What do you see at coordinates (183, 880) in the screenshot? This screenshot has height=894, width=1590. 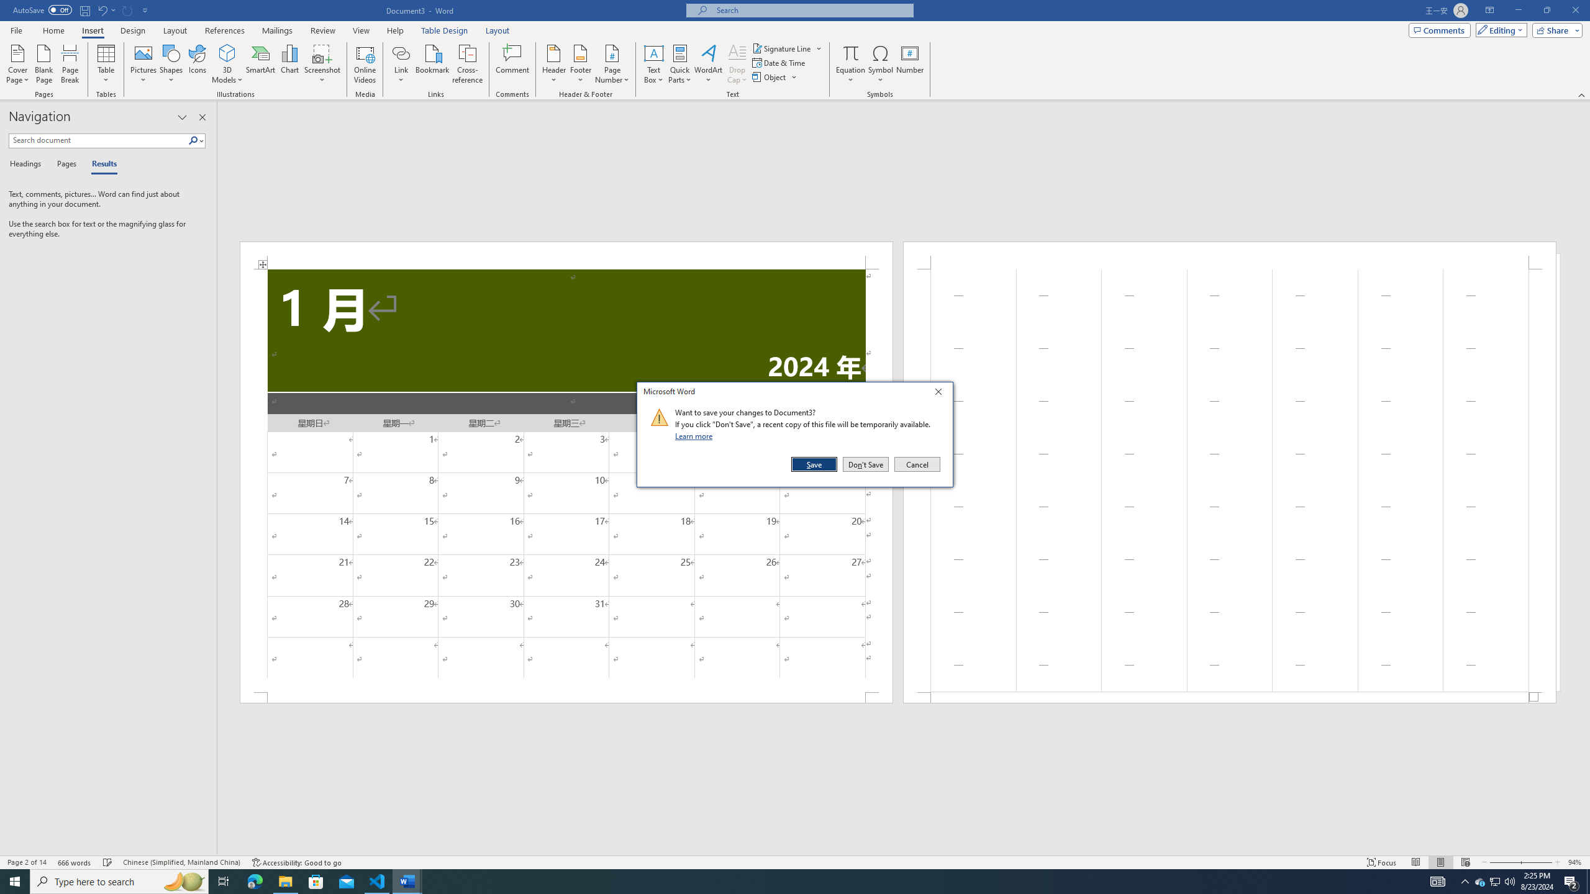 I see `'Search highlights icon opens search home window'` at bounding box center [183, 880].